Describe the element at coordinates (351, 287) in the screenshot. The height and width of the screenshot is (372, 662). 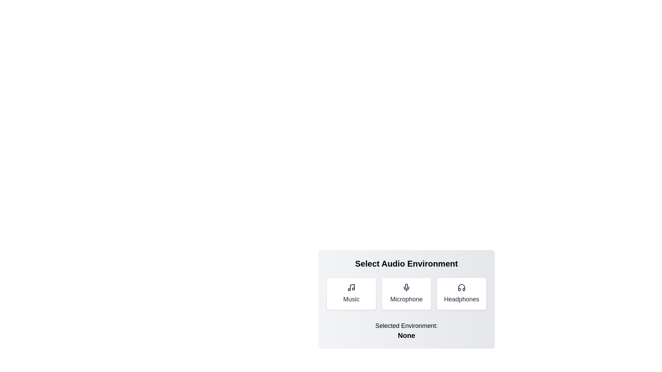
I see `the musical note icon located at the top section of the 'Music' card, above the title text 'Music'` at that location.